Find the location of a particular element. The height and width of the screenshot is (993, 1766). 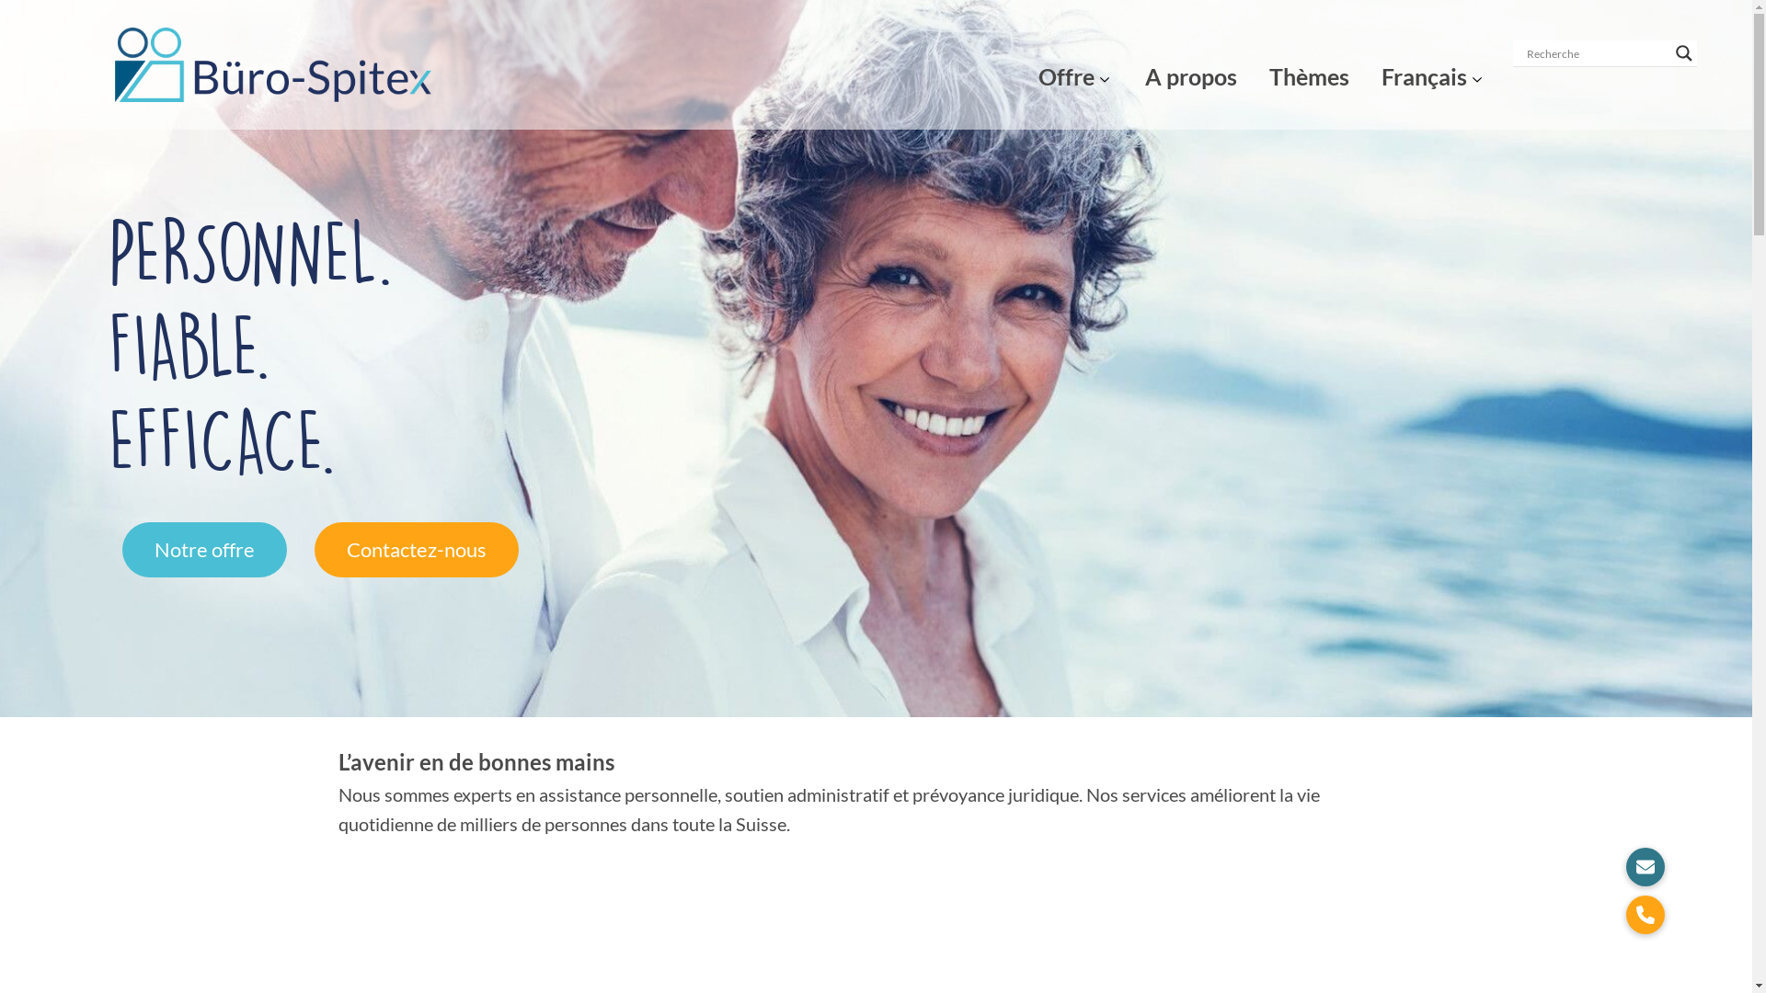

'Offre' is located at coordinates (1066, 63).